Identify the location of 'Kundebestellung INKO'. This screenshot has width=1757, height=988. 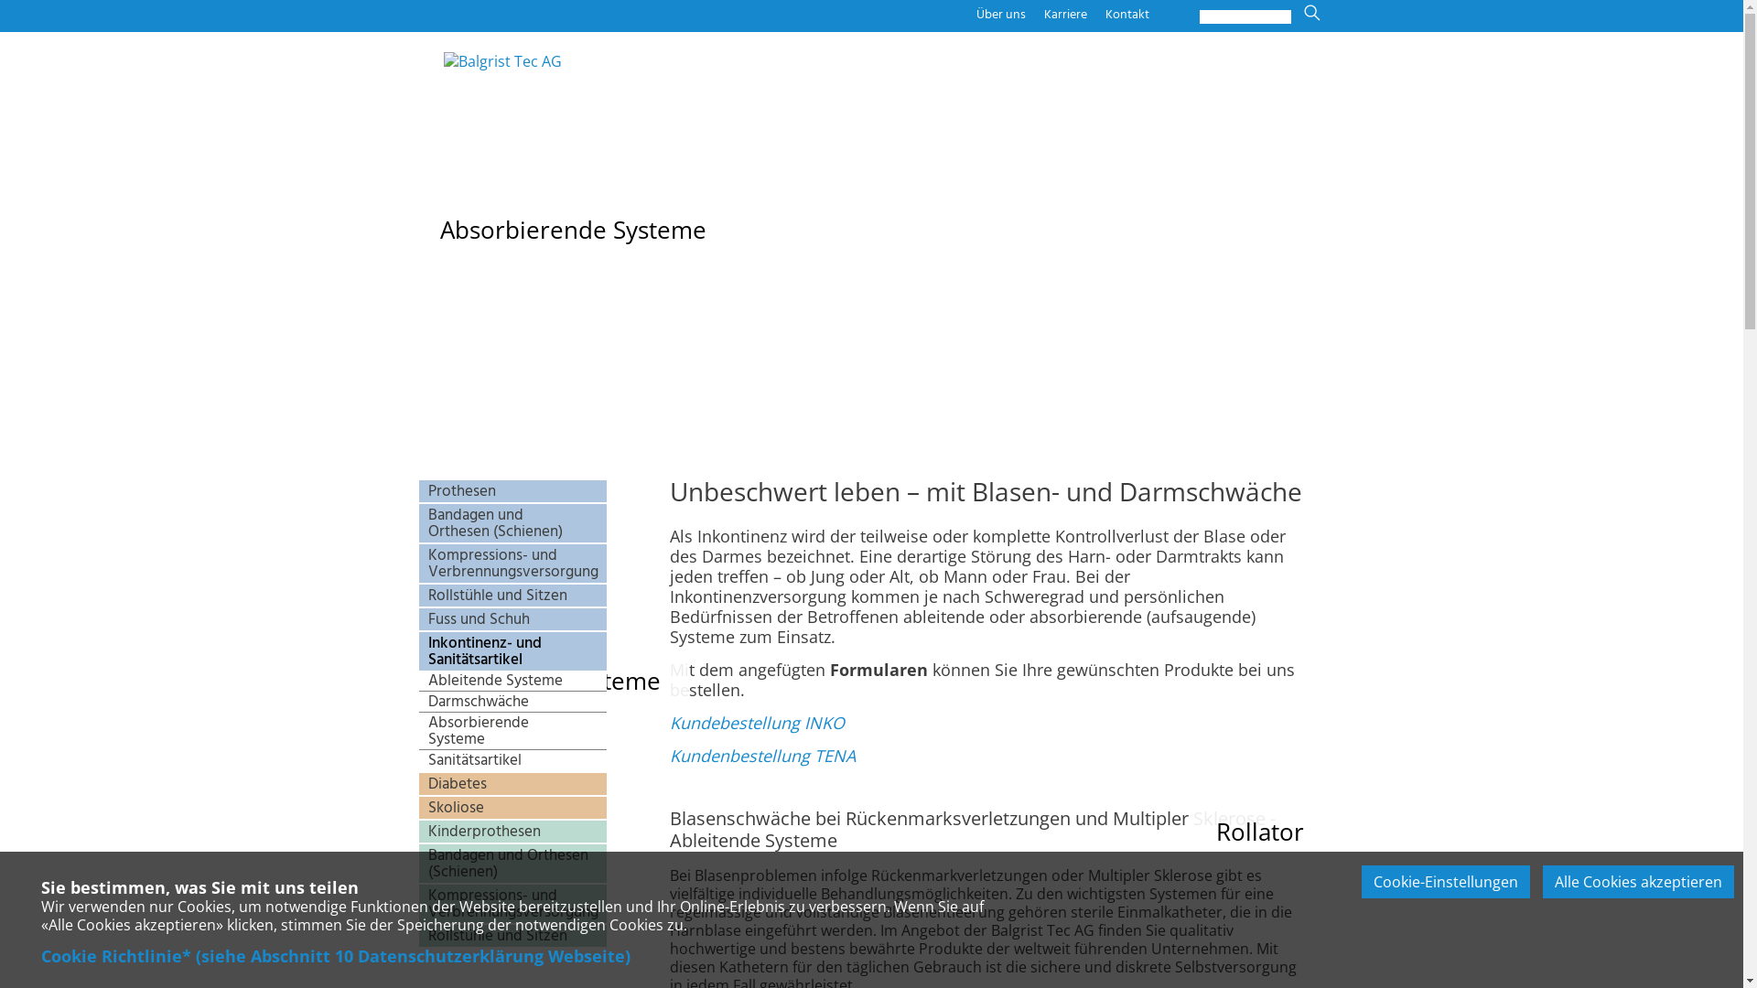
(757, 722).